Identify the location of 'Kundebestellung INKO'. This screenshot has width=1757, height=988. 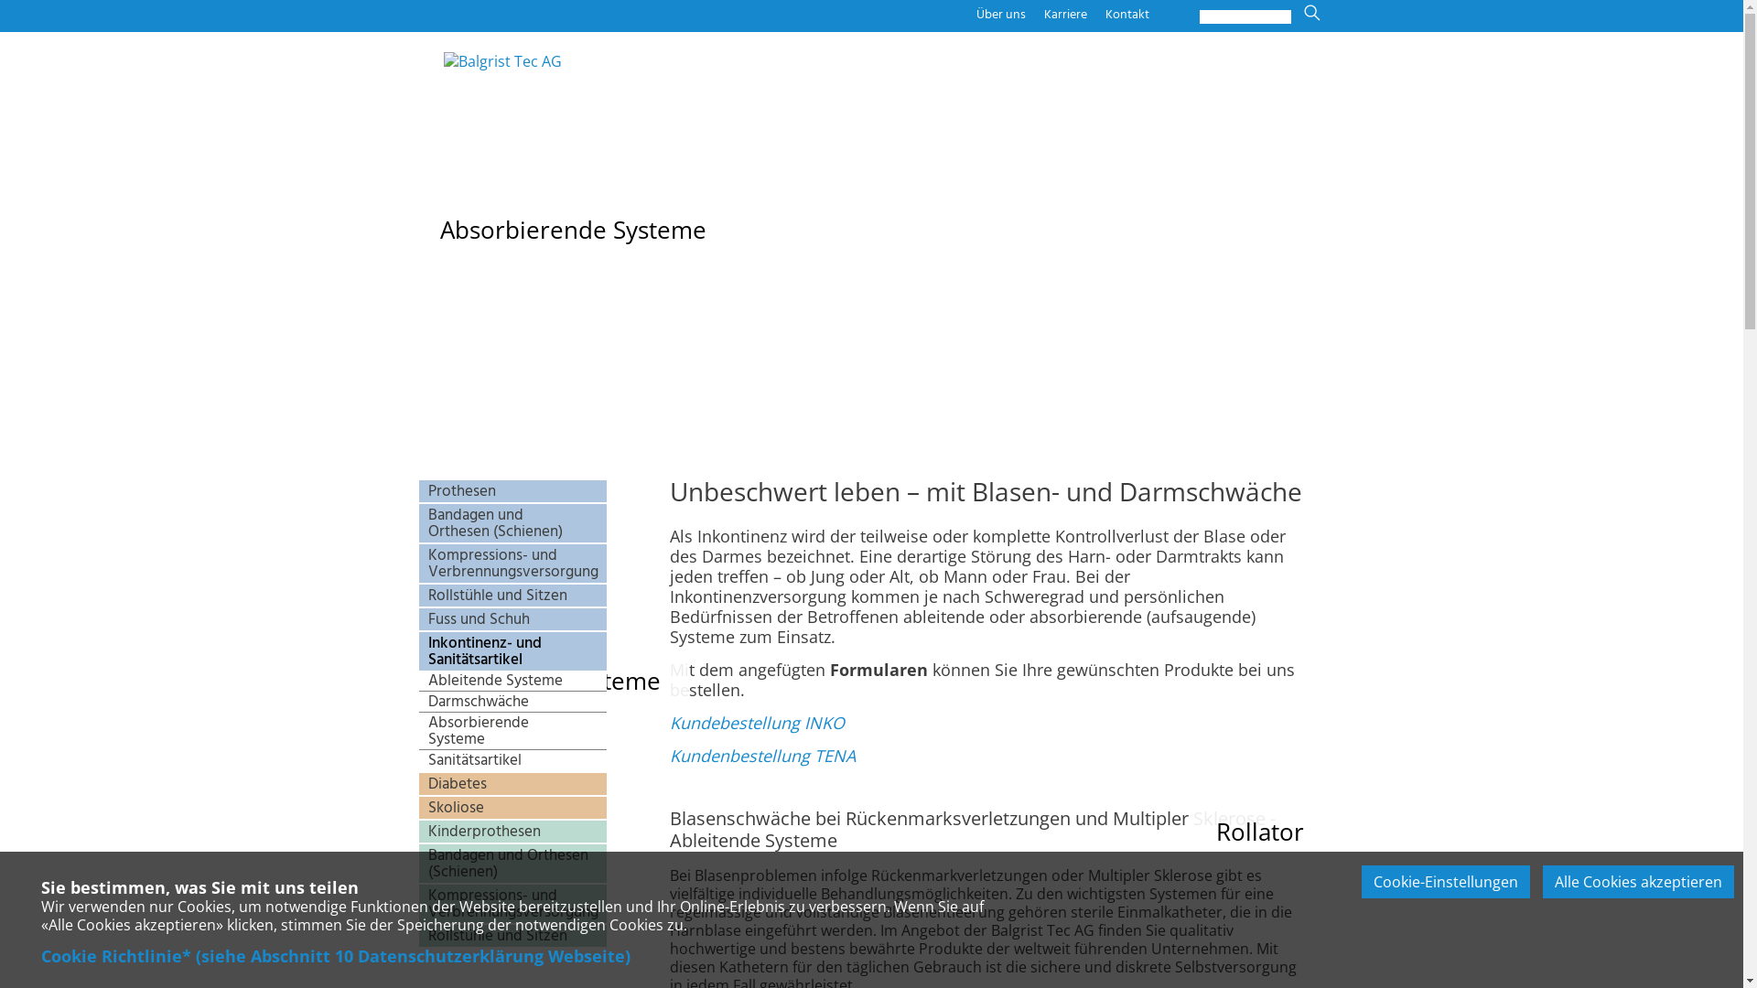
(757, 722).